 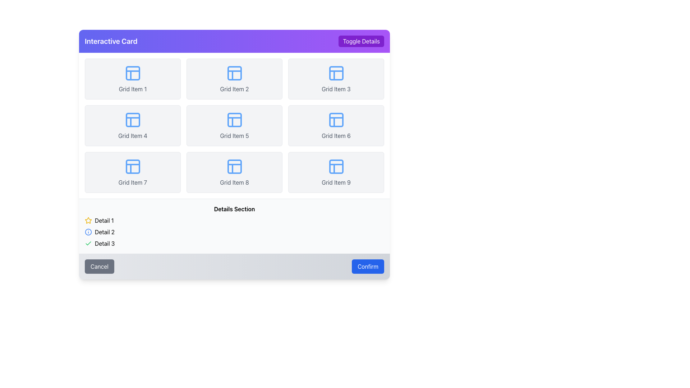 I want to click on the third Card component in the first row of the 3x3 grid layout, which displays an item with an icon and label for identification, so click(x=336, y=79).